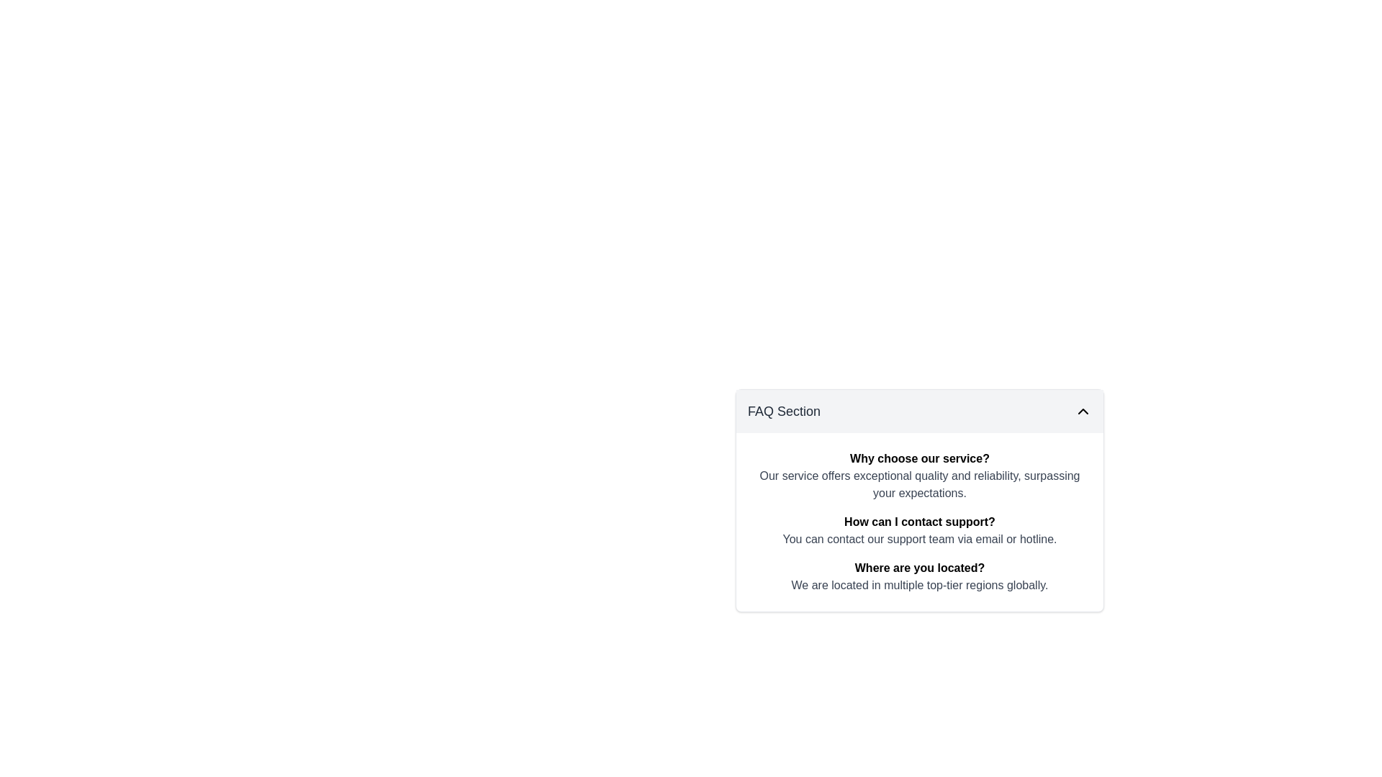 This screenshot has width=1382, height=777. I want to click on bolded black text string 'Why choose our service?' located in the FAQ section at the top of the card-like layout, so click(918, 458).